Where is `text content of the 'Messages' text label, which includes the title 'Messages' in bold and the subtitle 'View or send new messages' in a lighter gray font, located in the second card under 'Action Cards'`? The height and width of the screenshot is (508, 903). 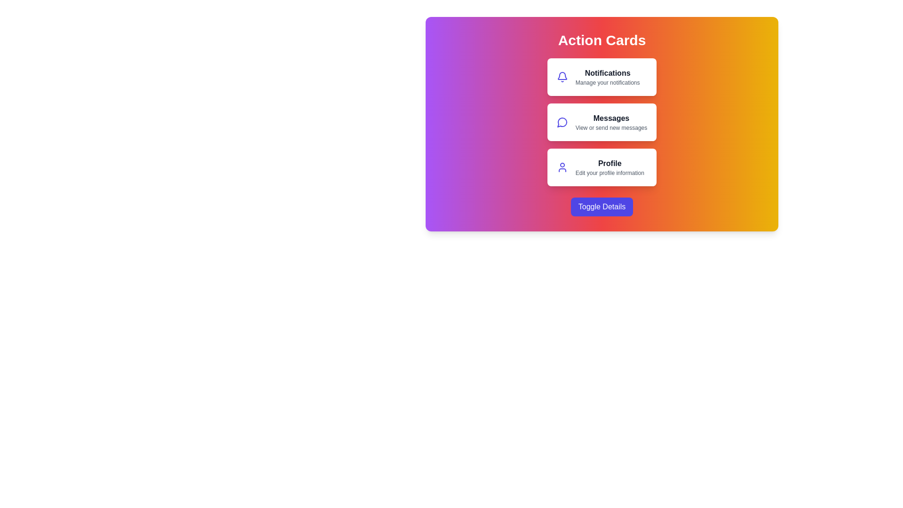 text content of the 'Messages' text label, which includes the title 'Messages' in bold and the subtitle 'View or send new messages' in a lighter gray font, located in the second card under 'Action Cards' is located at coordinates (611, 121).